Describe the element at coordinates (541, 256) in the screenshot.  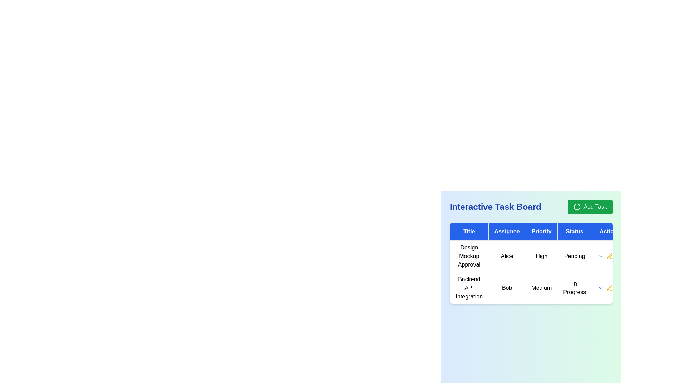
I see `the text label displaying 'High', which is located in the third column of the top row under the 'Priority' column in a table layout` at that location.